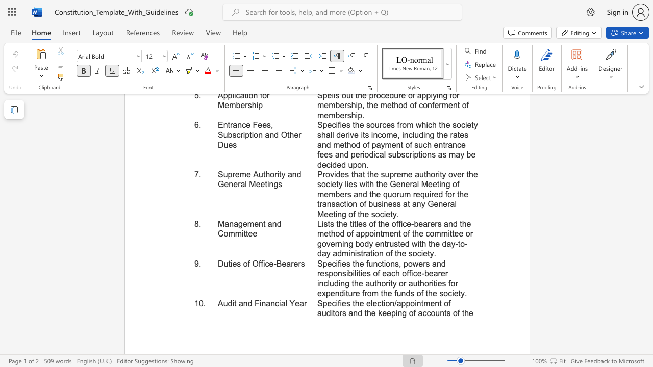  Describe the element at coordinates (299, 303) in the screenshot. I see `the subset text "ar" within the text "Audit and Financial Year"` at that location.